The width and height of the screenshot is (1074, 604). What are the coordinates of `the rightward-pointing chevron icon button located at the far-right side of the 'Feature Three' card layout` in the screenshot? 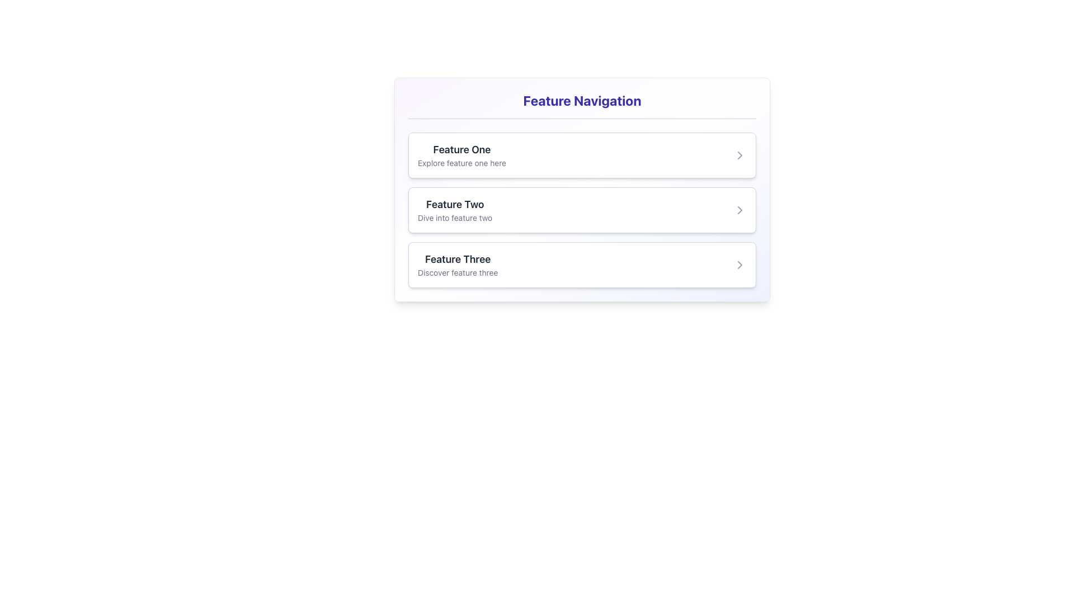 It's located at (740, 265).